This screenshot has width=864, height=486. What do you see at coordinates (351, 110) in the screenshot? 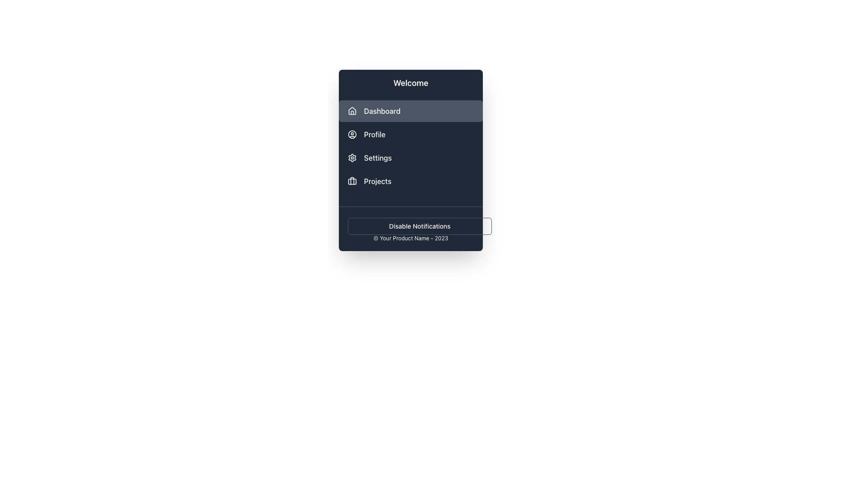
I see `the decorative 'Dashboard' icon located at the top of the menu section, which serves as a visual indicator for the Dashboard section` at bounding box center [351, 110].